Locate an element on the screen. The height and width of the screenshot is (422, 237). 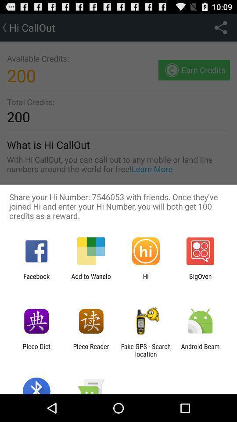
icon next to the fake gps search icon is located at coordinates (90, 350).